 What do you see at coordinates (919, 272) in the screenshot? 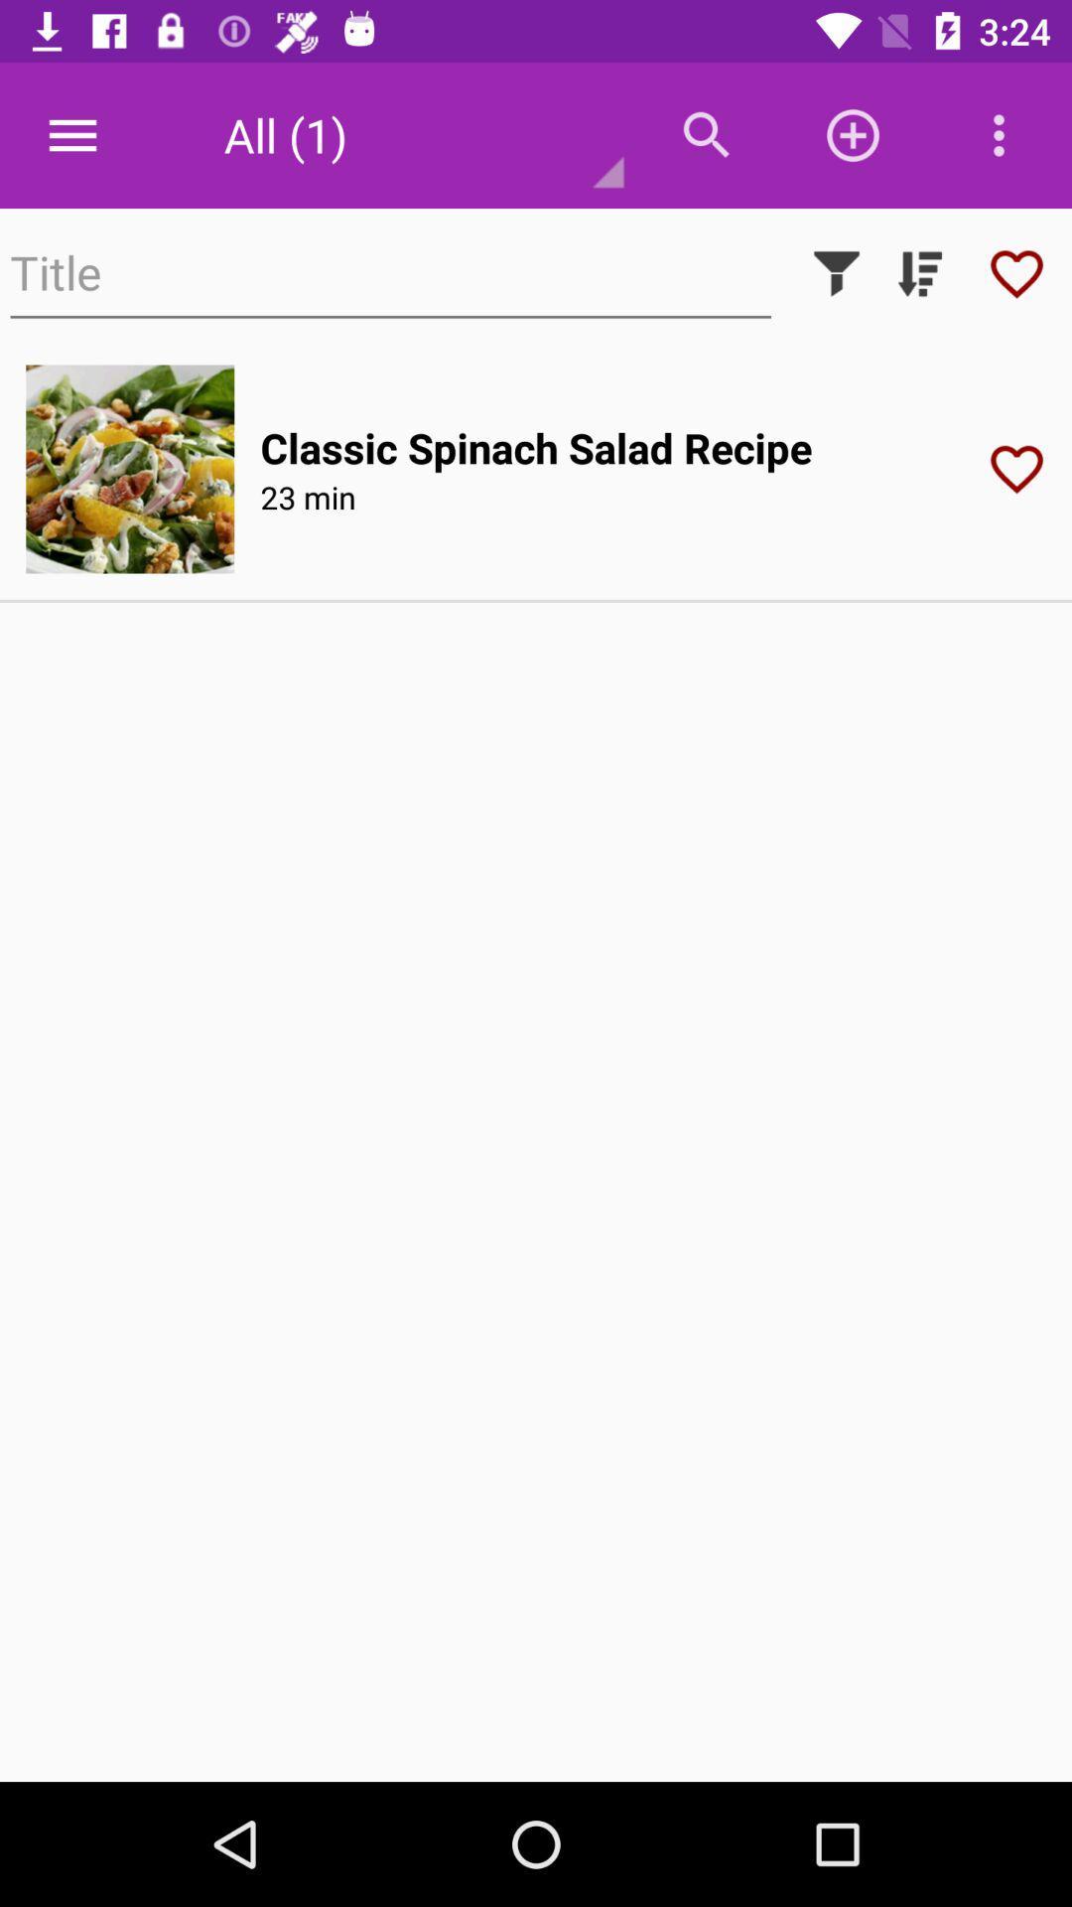
I see `show all recipes` at bounding box center [919, 272].